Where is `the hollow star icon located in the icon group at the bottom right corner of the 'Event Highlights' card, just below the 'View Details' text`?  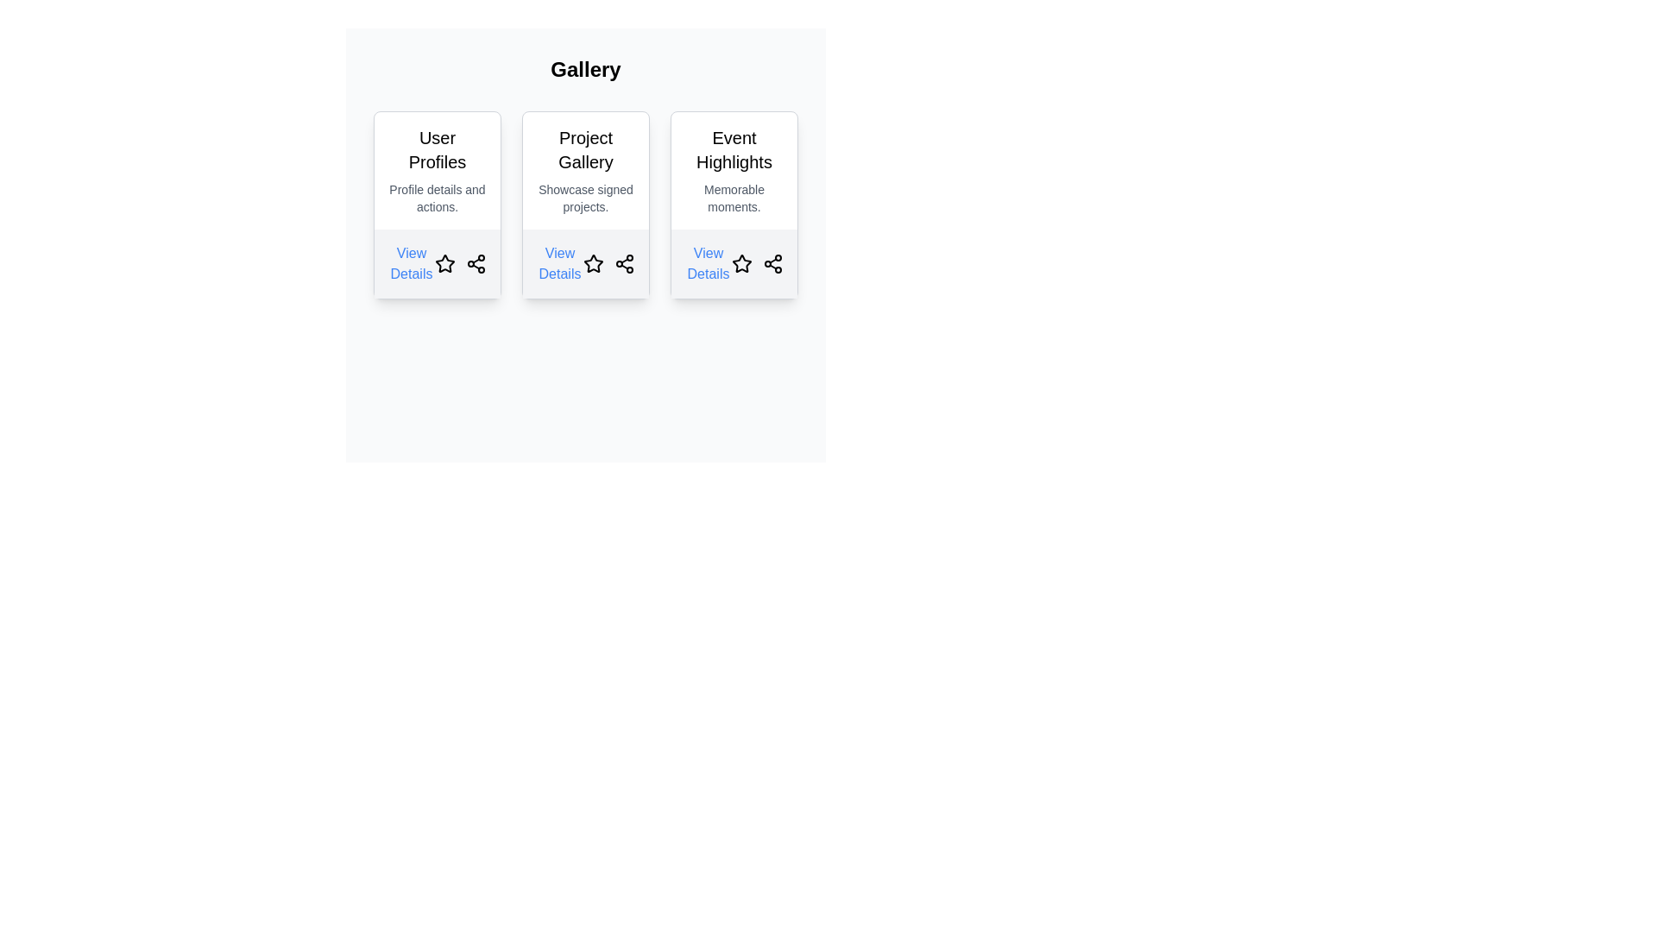 the hollow star icon located in the icon group at the bottom right corner of the 'Event Highlights' card, just below the 'View Details' text is located at coordinates (758, 263).